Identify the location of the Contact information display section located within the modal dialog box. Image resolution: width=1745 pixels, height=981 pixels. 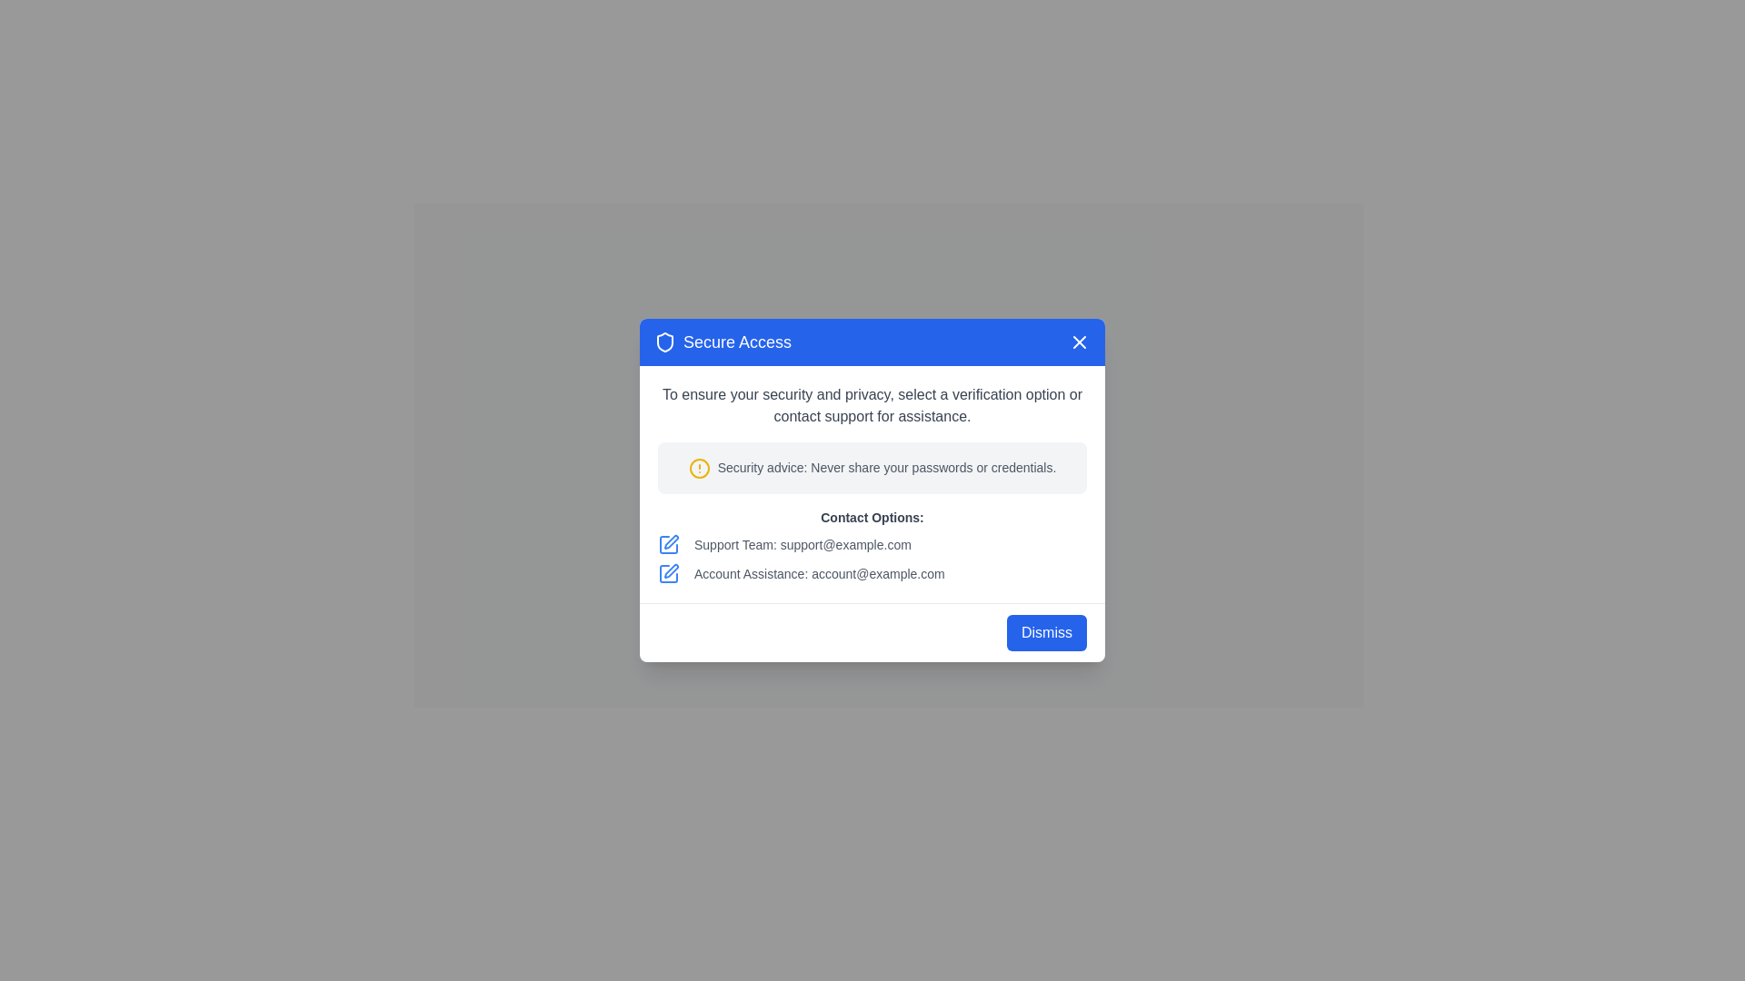
(872, 545).